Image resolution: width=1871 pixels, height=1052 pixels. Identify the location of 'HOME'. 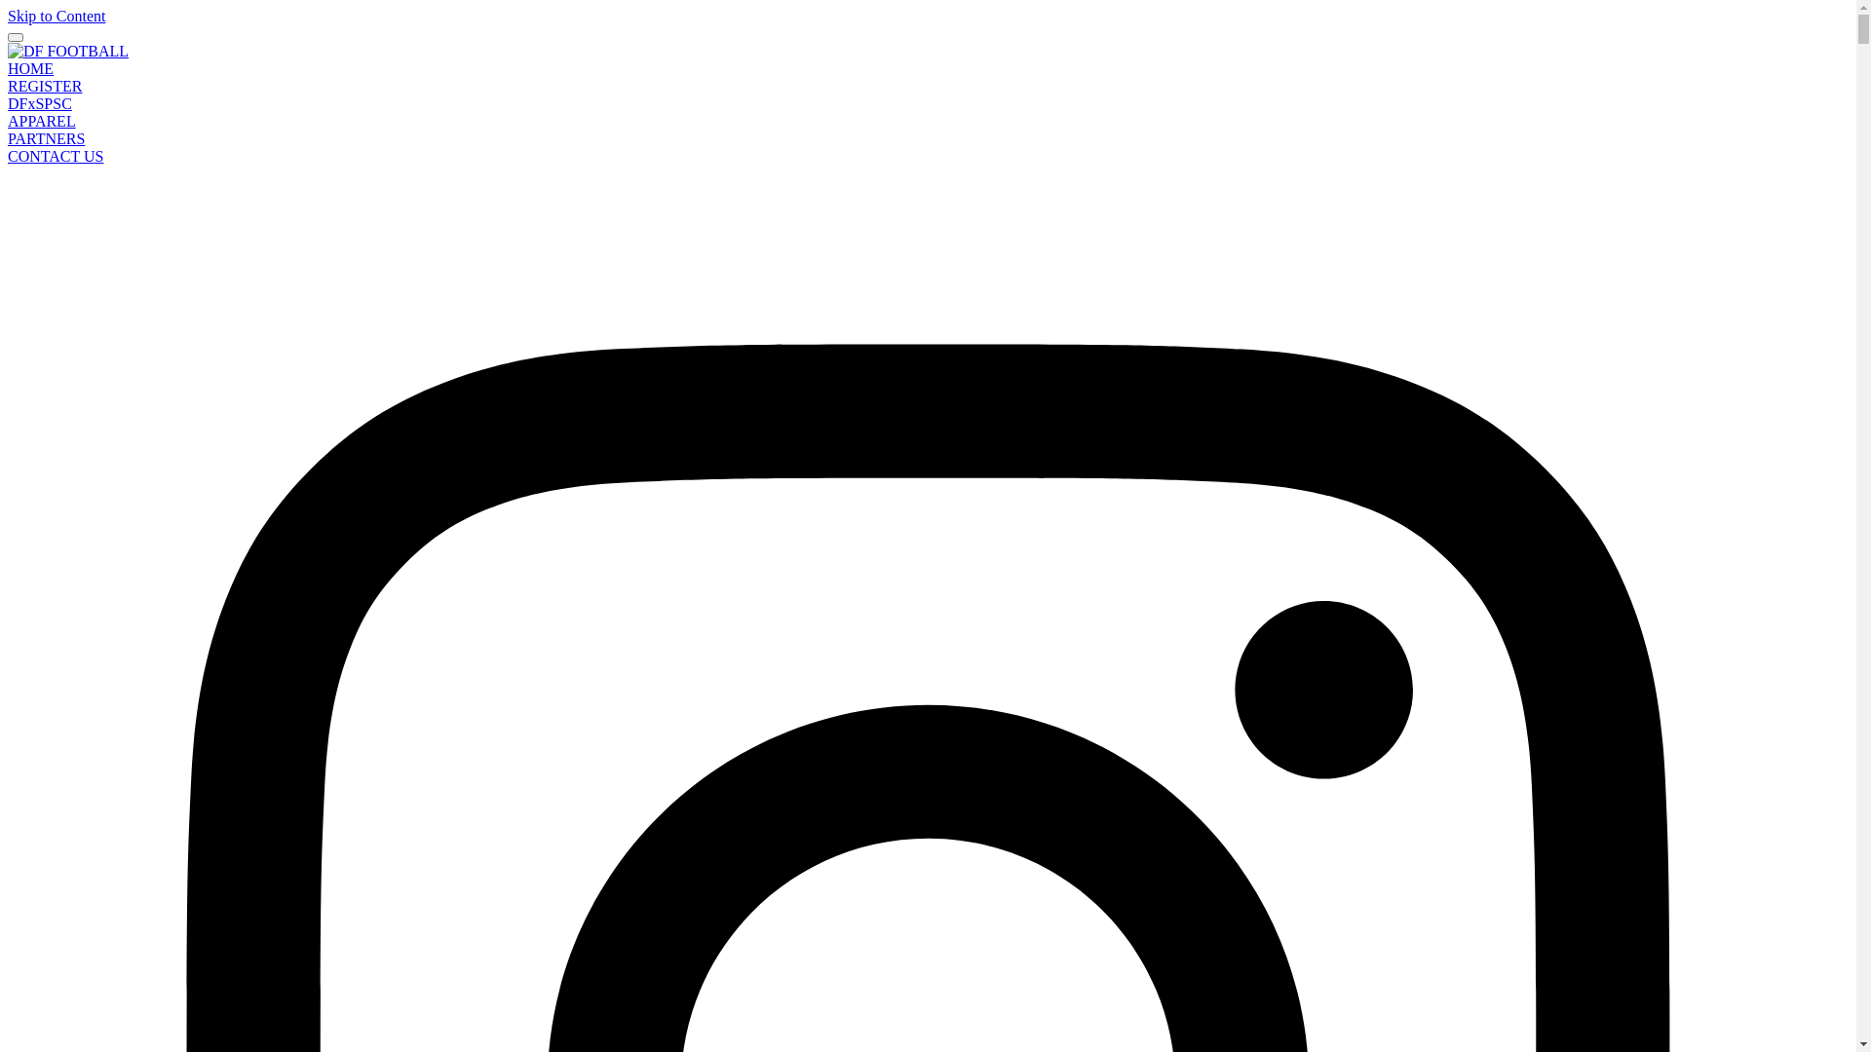
(30, 67).